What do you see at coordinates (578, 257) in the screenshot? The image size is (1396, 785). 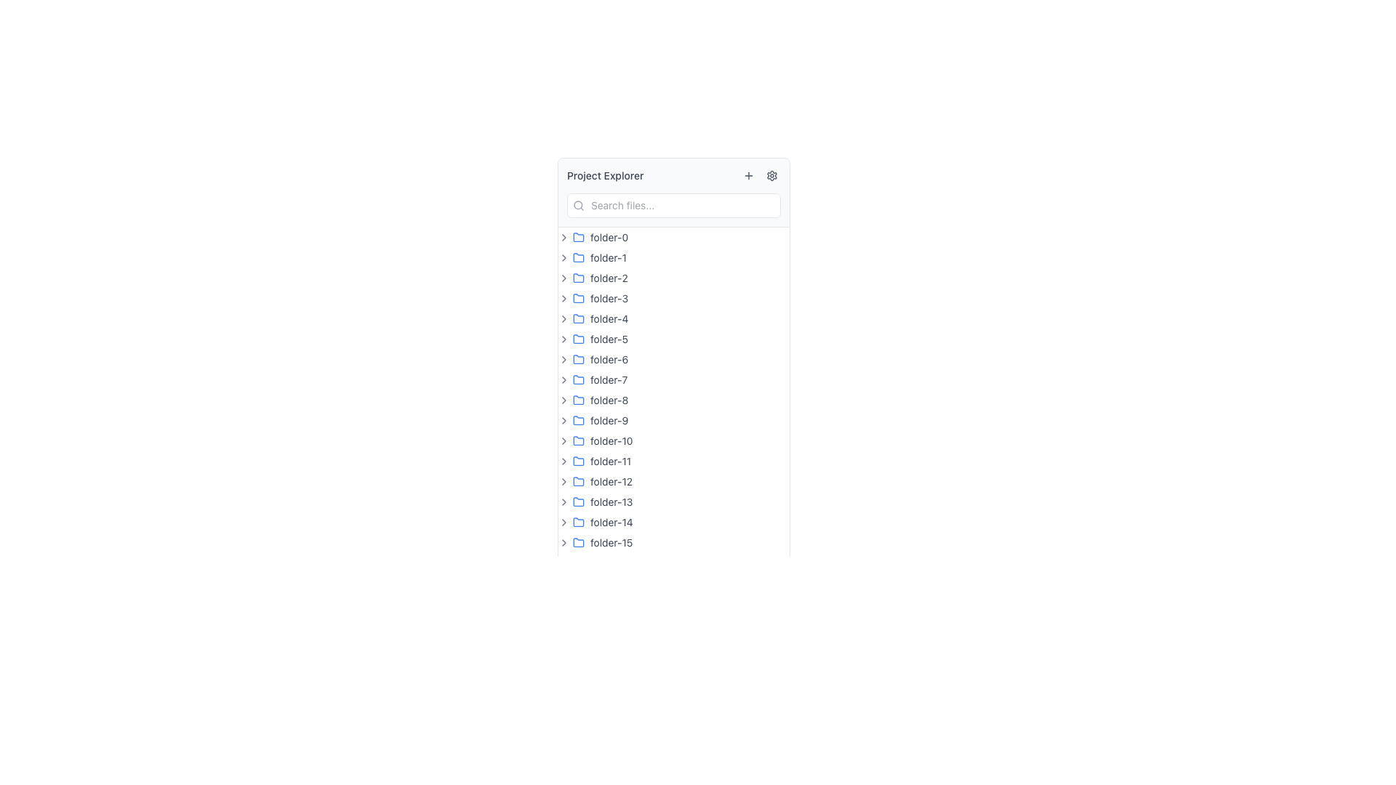 I see `the folder icon visually indicating 'folder-1', which is the second element from the left in the project explorer` at bounding box center [578, 257].